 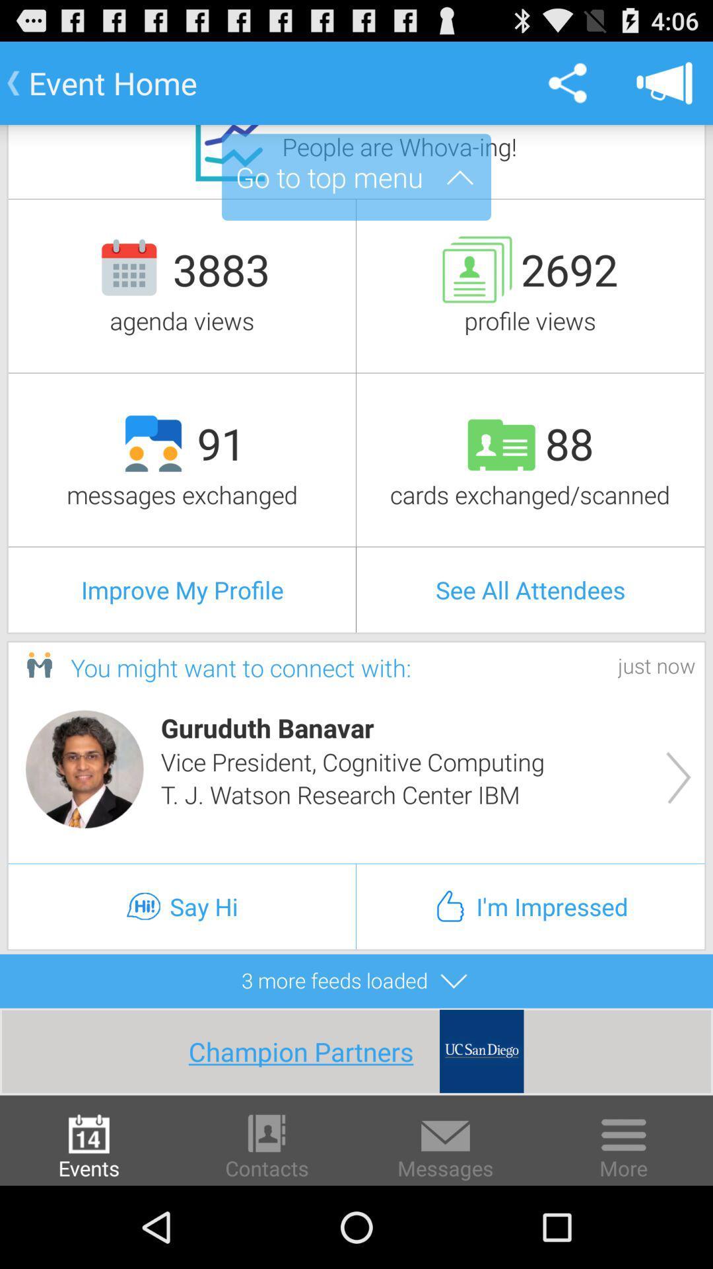 What do you see at coordinates (529, 589) in the screenshot?
I see `the see all attendees item` at bounding box center [529, 589].